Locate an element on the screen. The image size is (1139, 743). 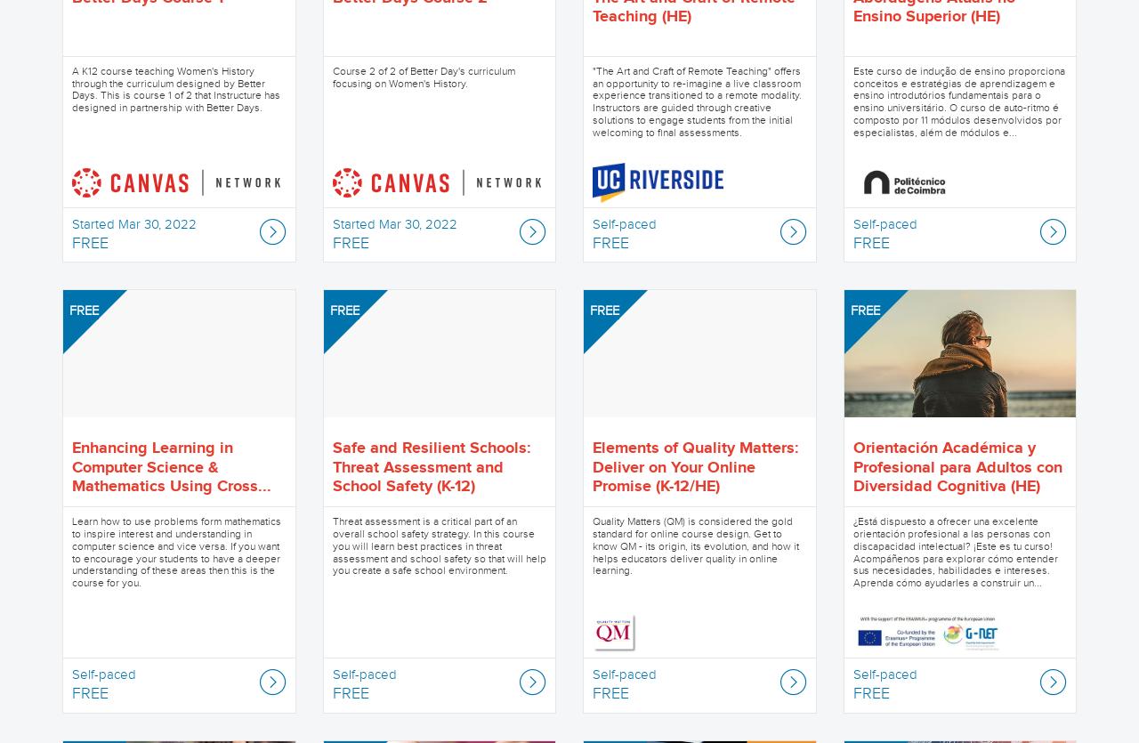
'A K12 course teaching Women's History through the curriculum designed by Better Days. This is course 1 of 2 that Instructure has designed in partnership with Better Days.' is located at coordinates (176, 88).